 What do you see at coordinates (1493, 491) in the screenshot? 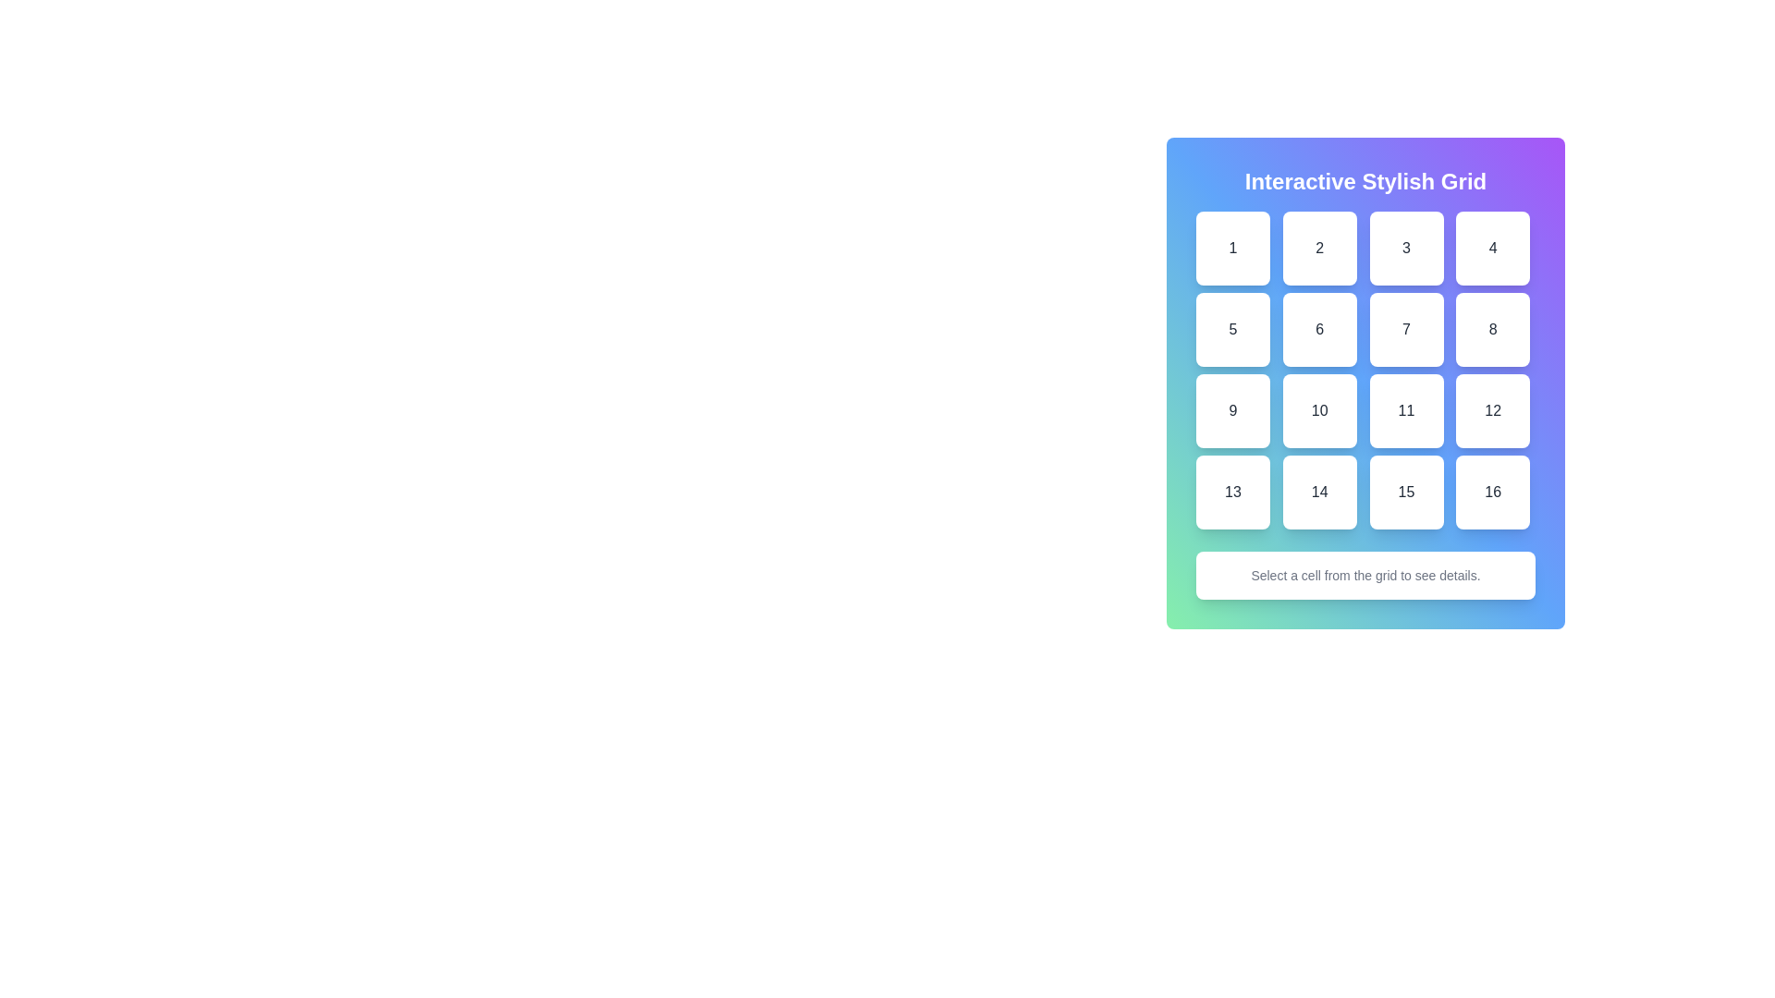
I see `the selectable grid cell located in the fourth column and fourth row of the 4x4 grid layout, which displays information related to '16'` at bounding box center [1493, 491].